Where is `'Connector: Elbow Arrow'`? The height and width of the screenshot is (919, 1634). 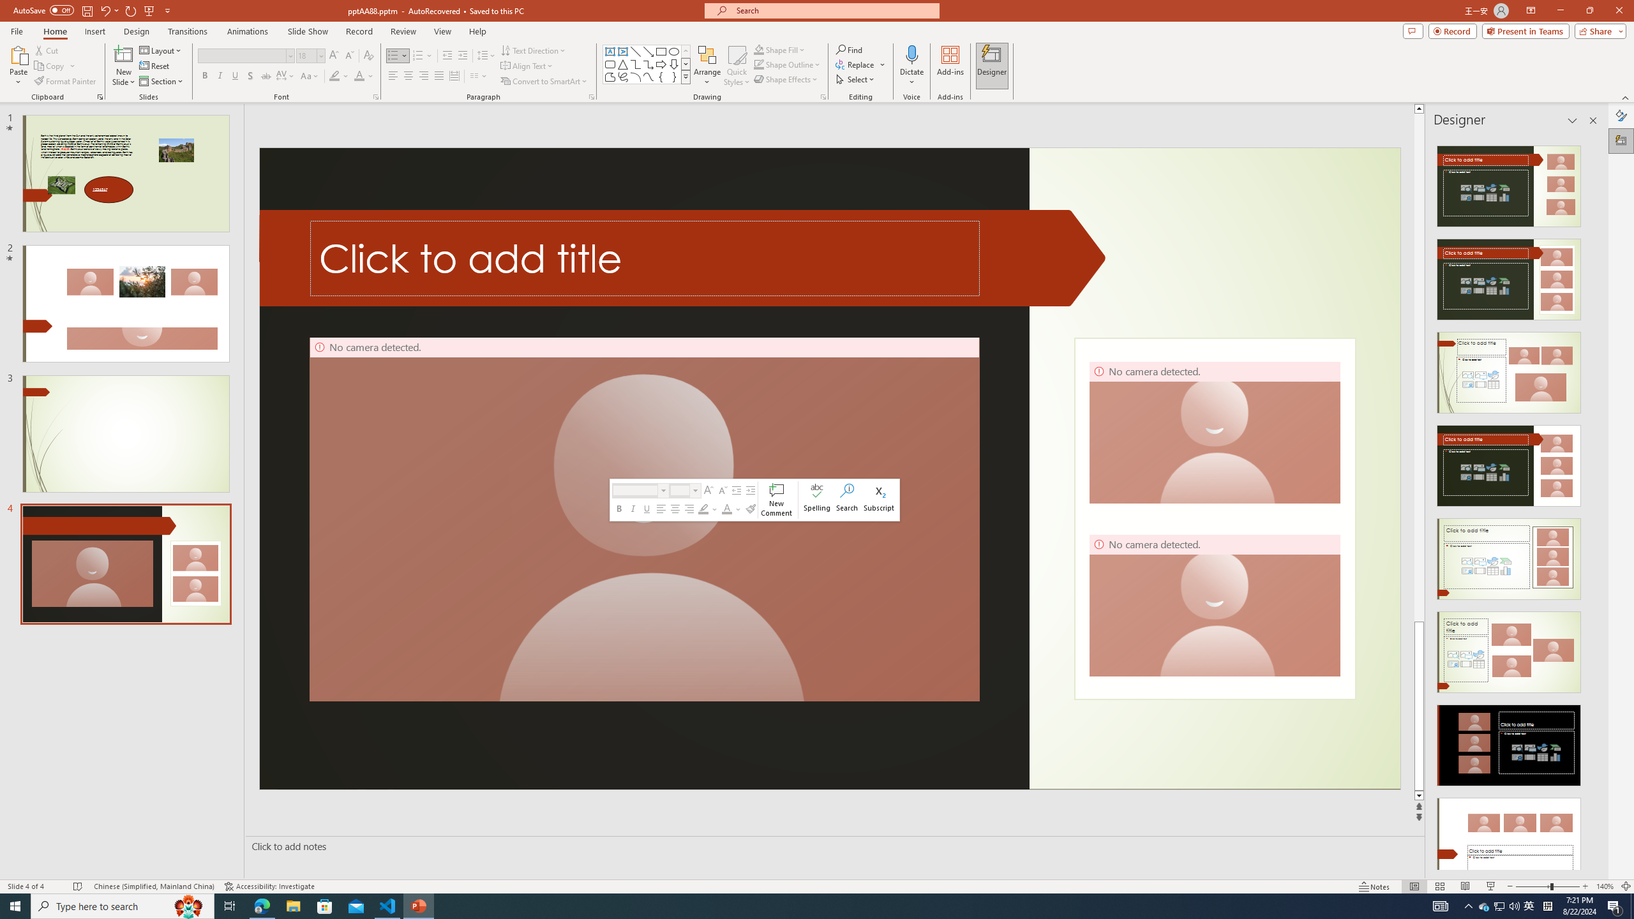 'Connector: Elbow Arrow' is located at coordinates (648, 63).